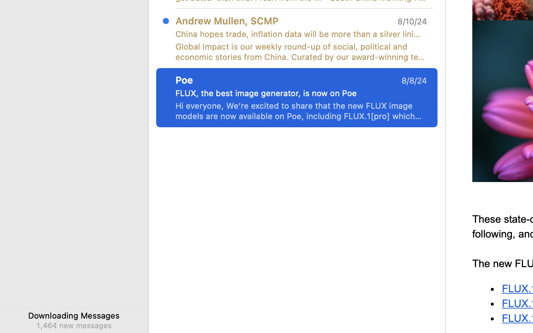 This screenshot has height=333, width=533. I want to click on 'FLUX, the best image generator, is now on Poe', so click(298, 93).